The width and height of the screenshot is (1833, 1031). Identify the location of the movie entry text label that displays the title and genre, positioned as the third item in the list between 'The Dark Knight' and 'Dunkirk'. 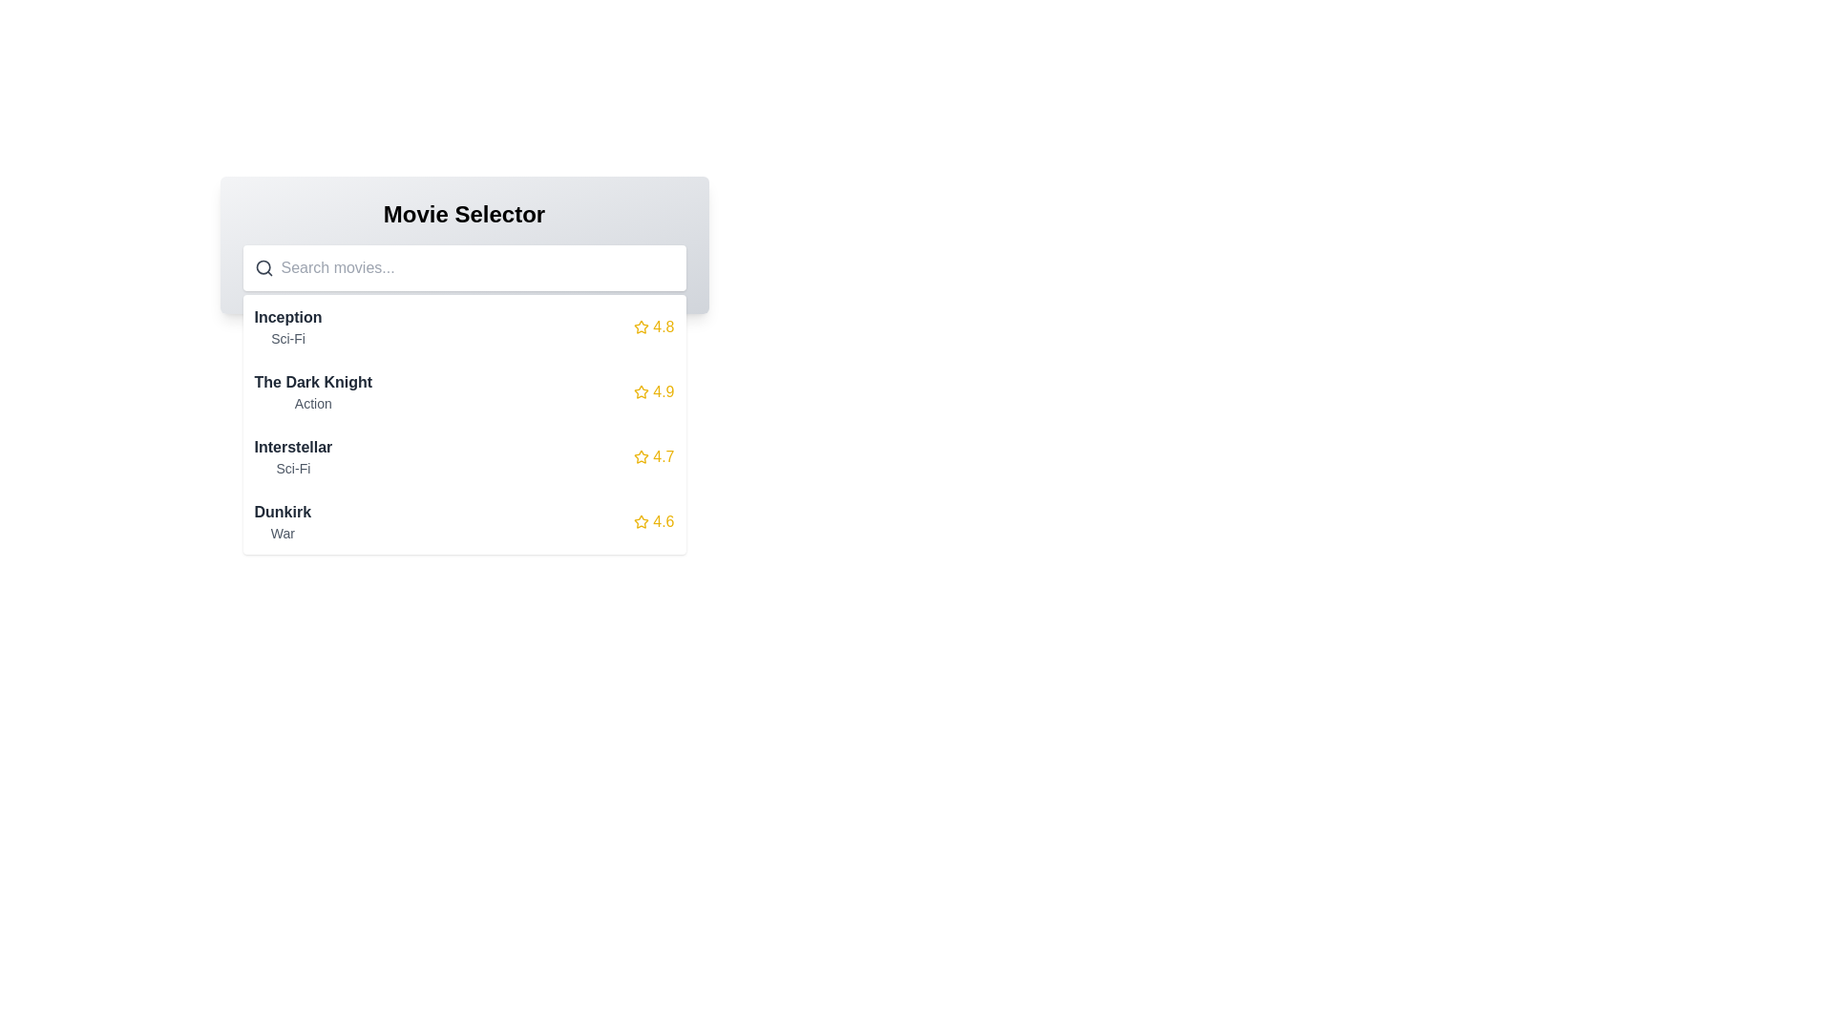
(292, 456).